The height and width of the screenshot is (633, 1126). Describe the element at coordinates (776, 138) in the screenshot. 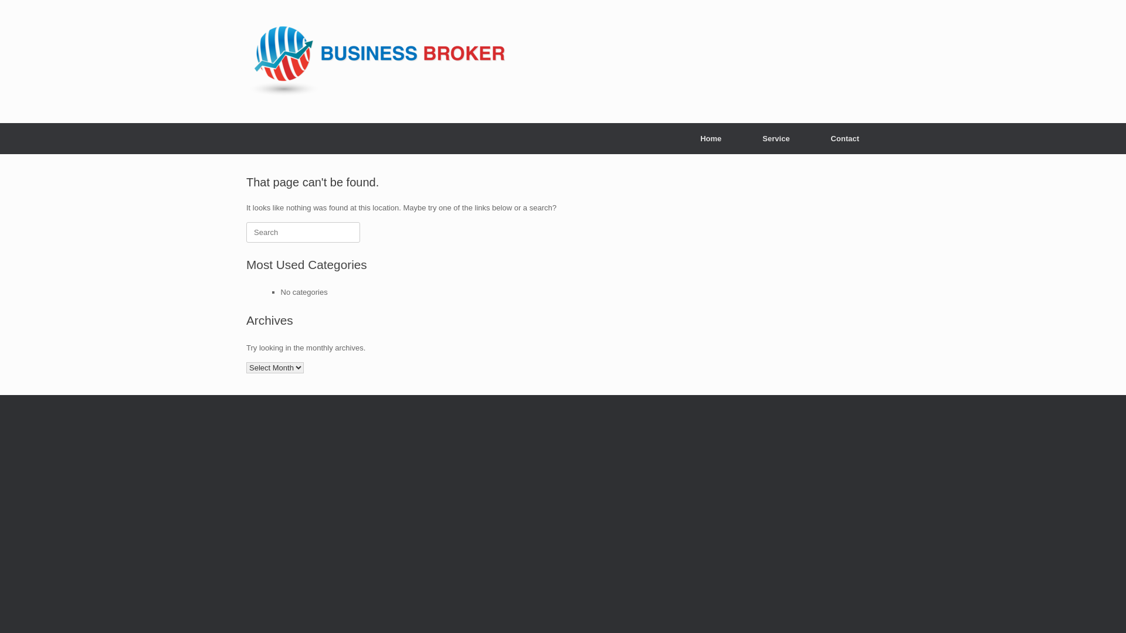

I see `'Service'` at that location.